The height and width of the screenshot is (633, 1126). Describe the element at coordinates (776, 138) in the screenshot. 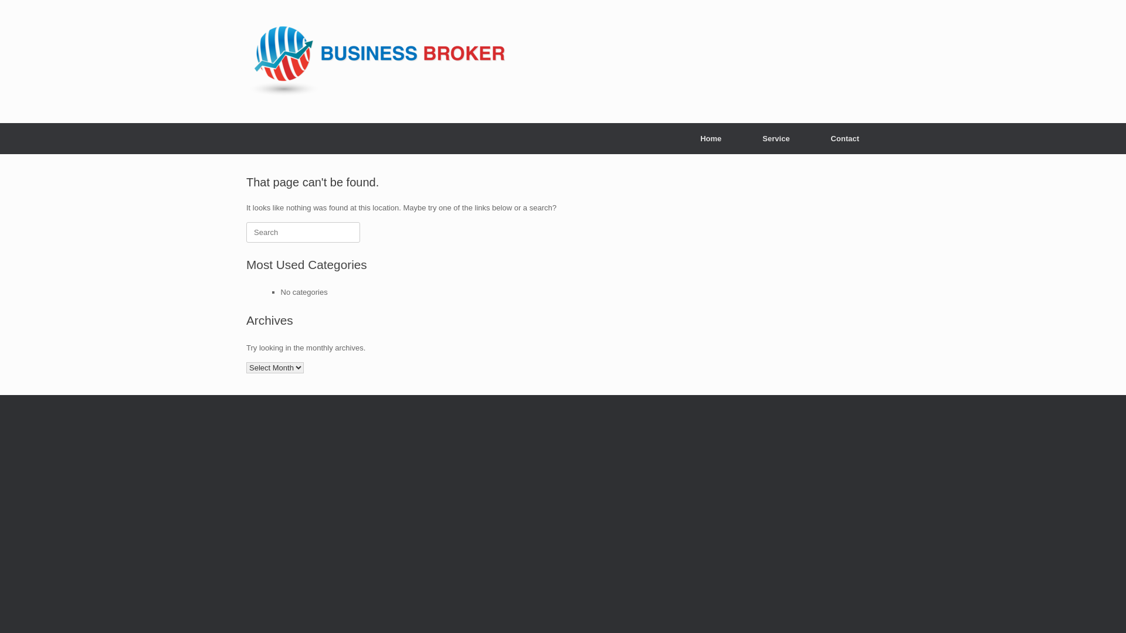

I see `'Service'` at that location.